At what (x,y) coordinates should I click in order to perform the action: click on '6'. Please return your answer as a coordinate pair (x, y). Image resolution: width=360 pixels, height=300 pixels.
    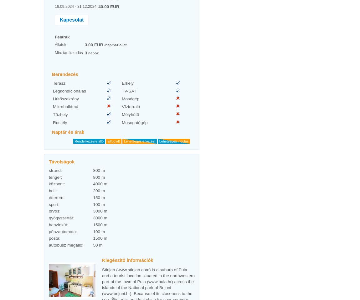
    Looking at the image, I should click on (151, 18).